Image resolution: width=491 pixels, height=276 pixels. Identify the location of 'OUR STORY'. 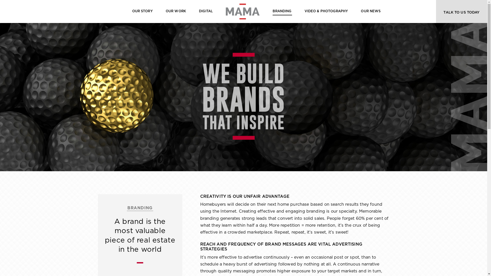
(142, 11).